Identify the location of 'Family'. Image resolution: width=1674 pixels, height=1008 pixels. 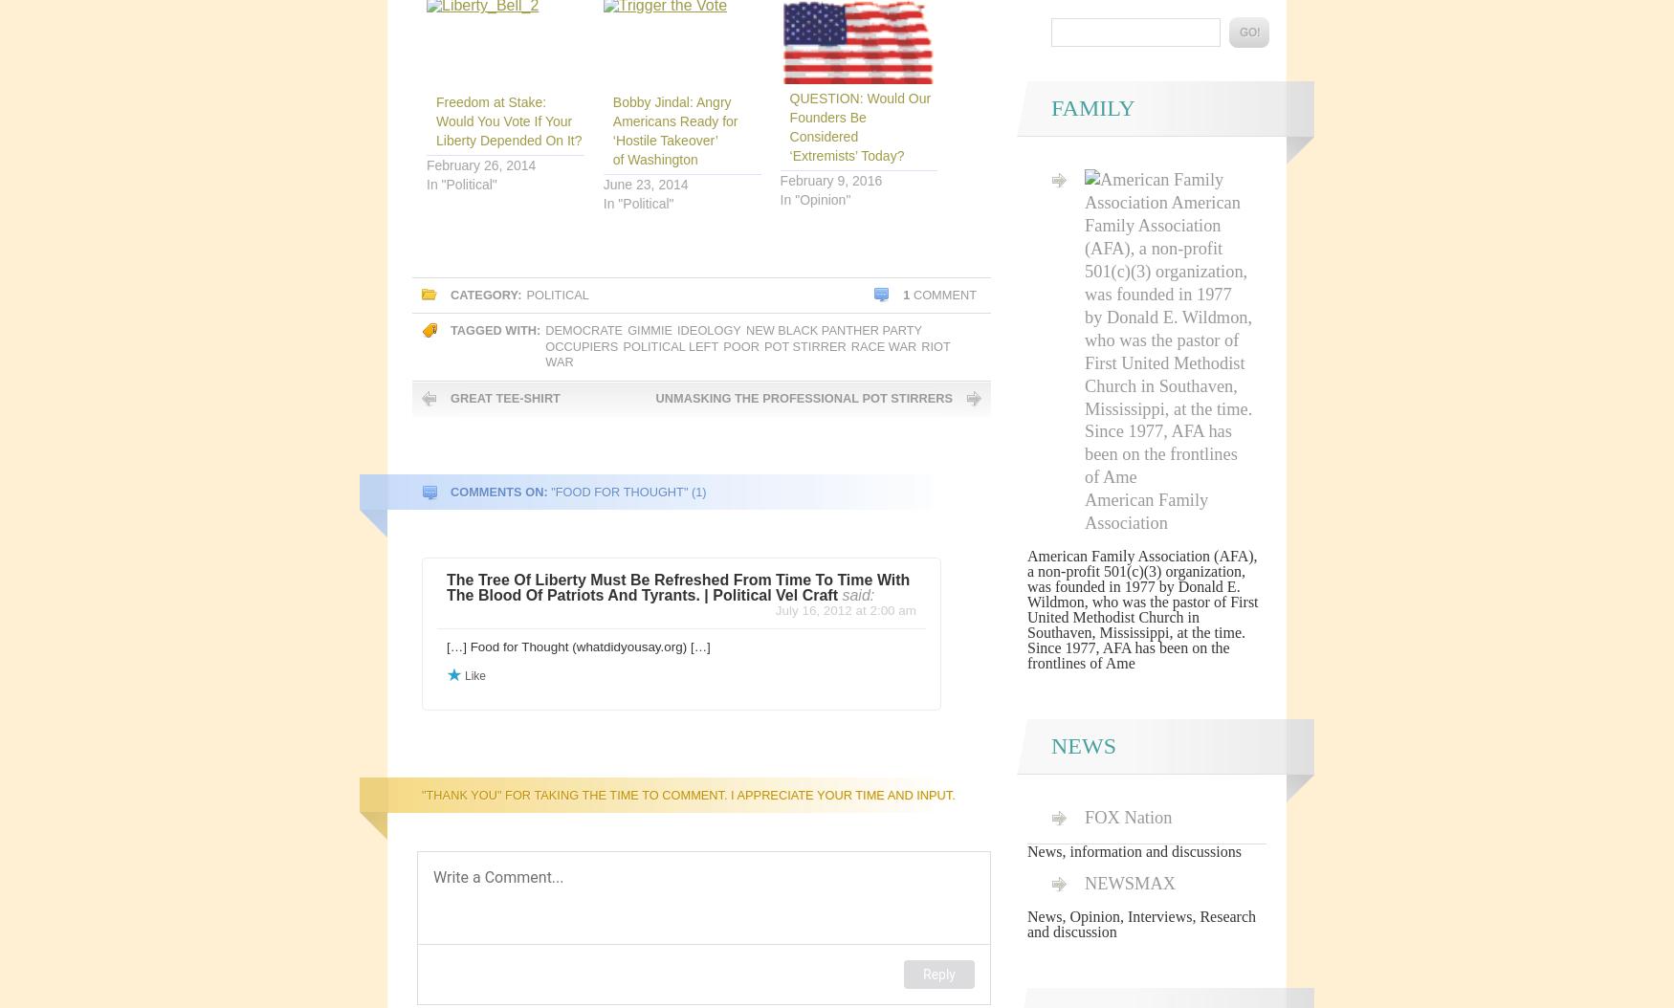
(1091, 107).